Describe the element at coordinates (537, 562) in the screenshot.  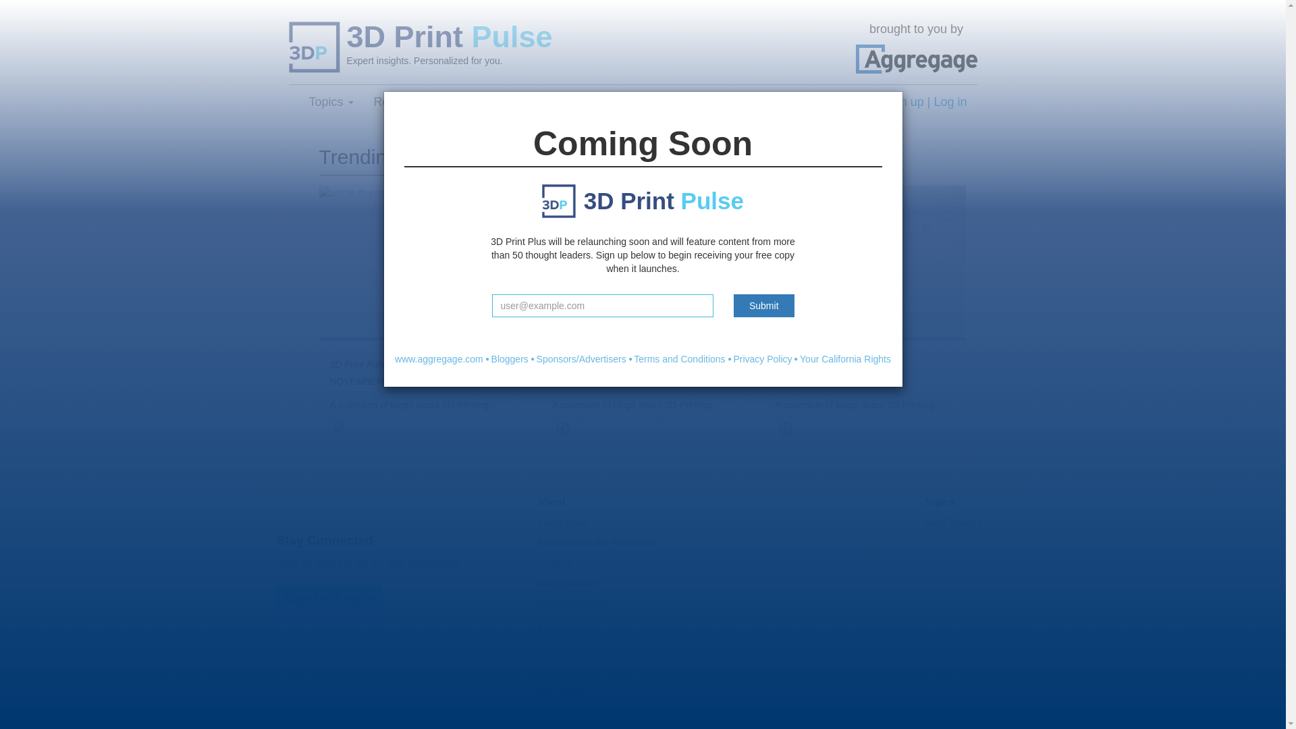
I see `'Support'` at that location.